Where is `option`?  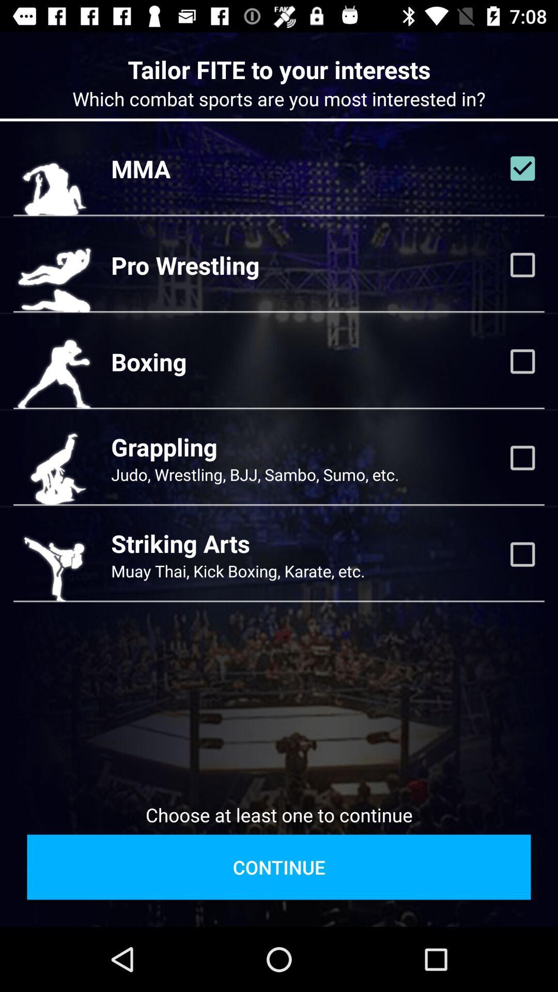 option is located at coordinates (522, 361).